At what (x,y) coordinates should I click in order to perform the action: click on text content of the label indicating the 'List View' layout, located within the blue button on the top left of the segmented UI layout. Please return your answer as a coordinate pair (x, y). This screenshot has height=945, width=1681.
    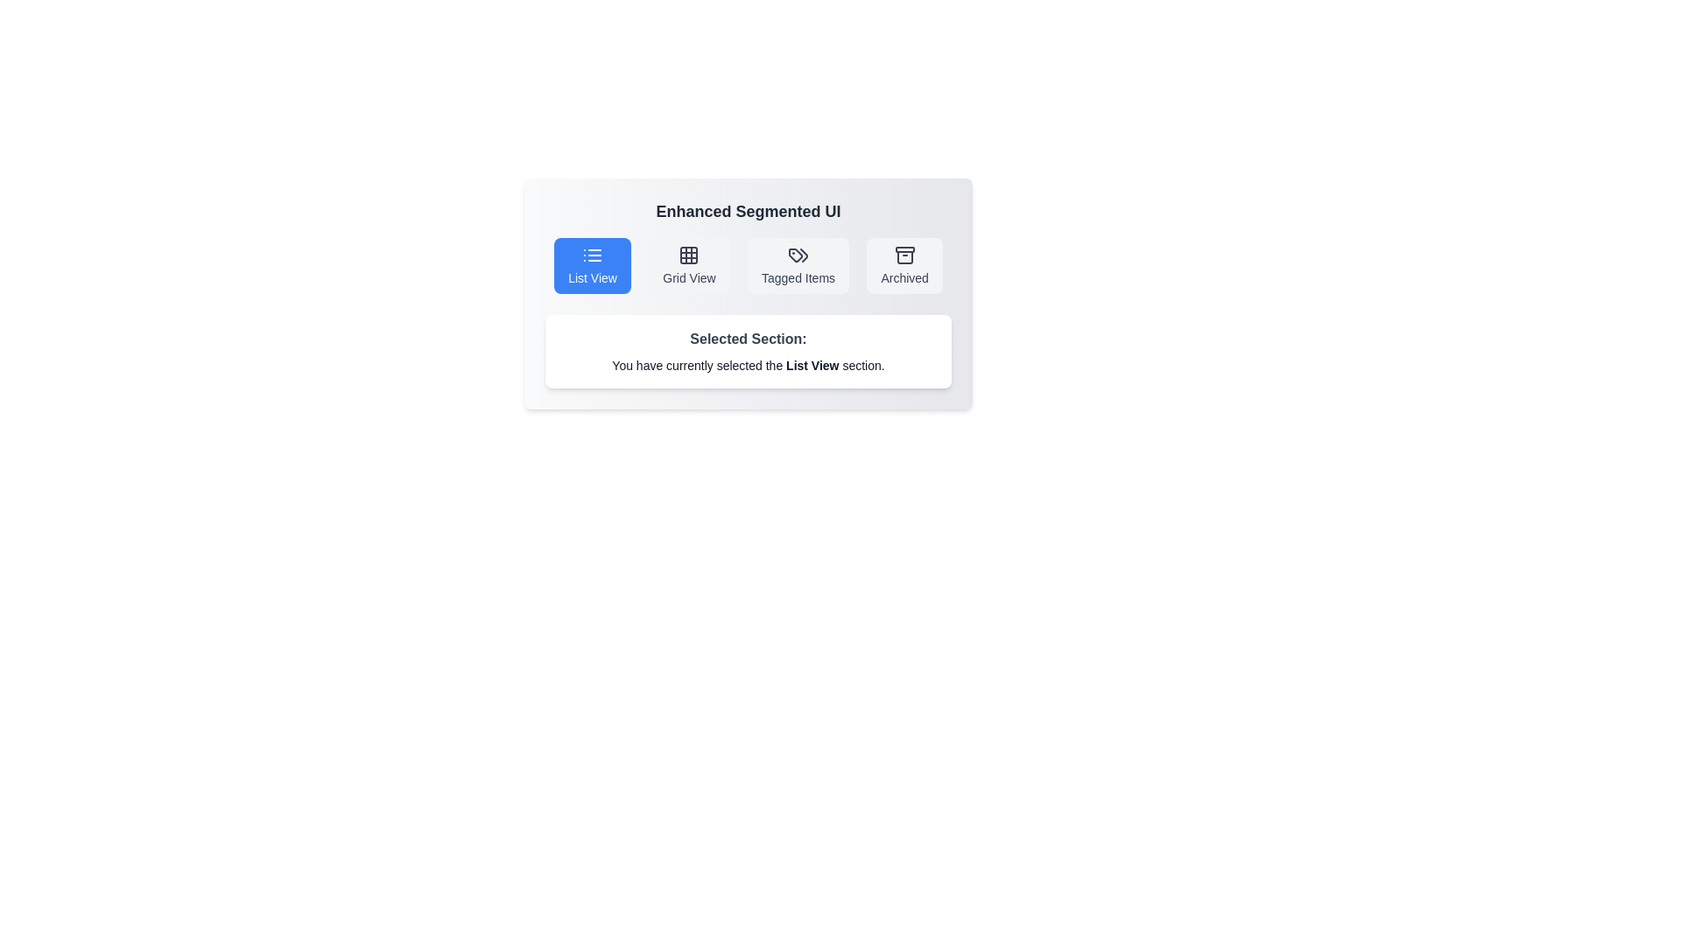
    Looking at the image, I should click on (592, 276).